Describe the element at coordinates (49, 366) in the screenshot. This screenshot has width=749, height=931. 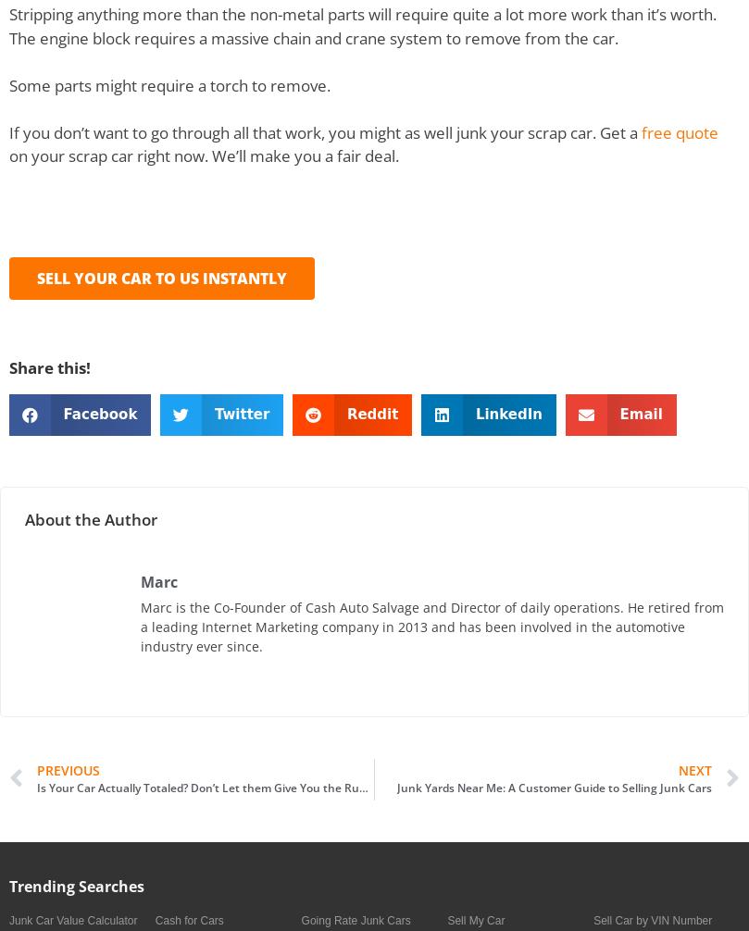
I see `'Share this!'` at that location.